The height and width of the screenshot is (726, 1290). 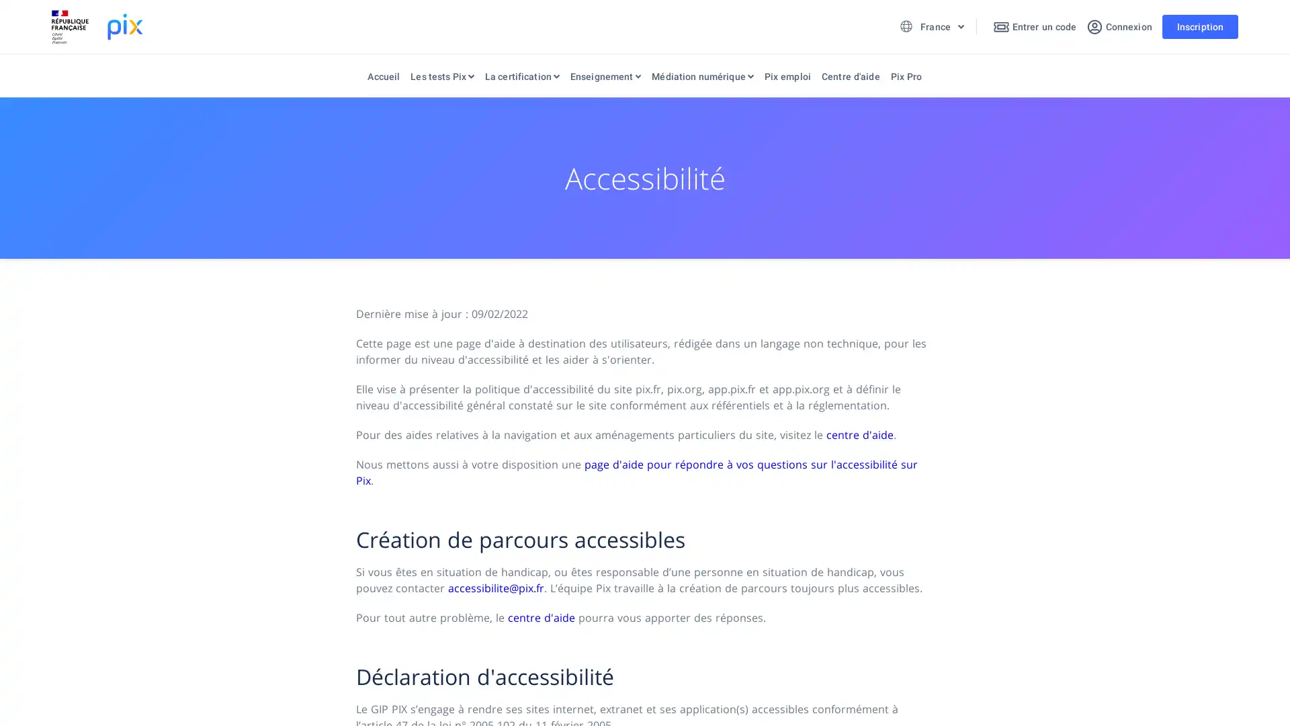 I want to click on Mediation numerique, so click(x=701, y=79).